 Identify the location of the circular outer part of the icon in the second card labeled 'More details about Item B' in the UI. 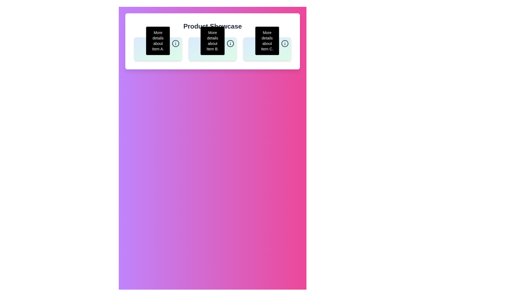
(230, 43).